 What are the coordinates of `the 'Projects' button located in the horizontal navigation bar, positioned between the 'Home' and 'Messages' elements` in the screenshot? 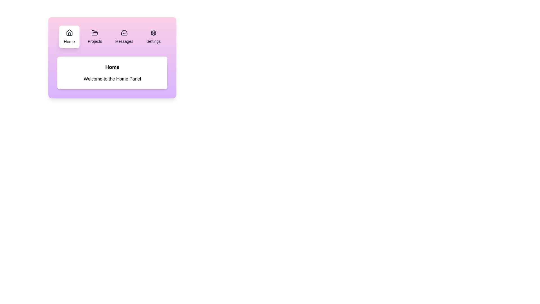 It's located at (94, 37).